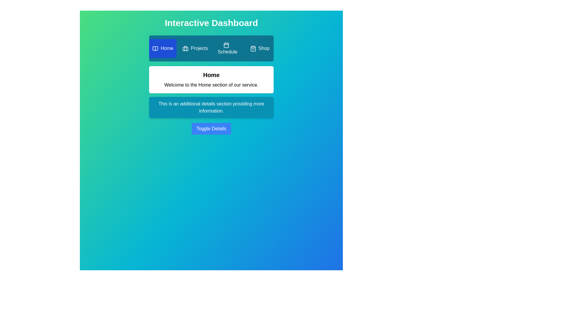  What do you see at coordinates (185, 48) in the screenshot?
I see `the icon of the Projects tab to observe its context` at bounding box center [185, 48].